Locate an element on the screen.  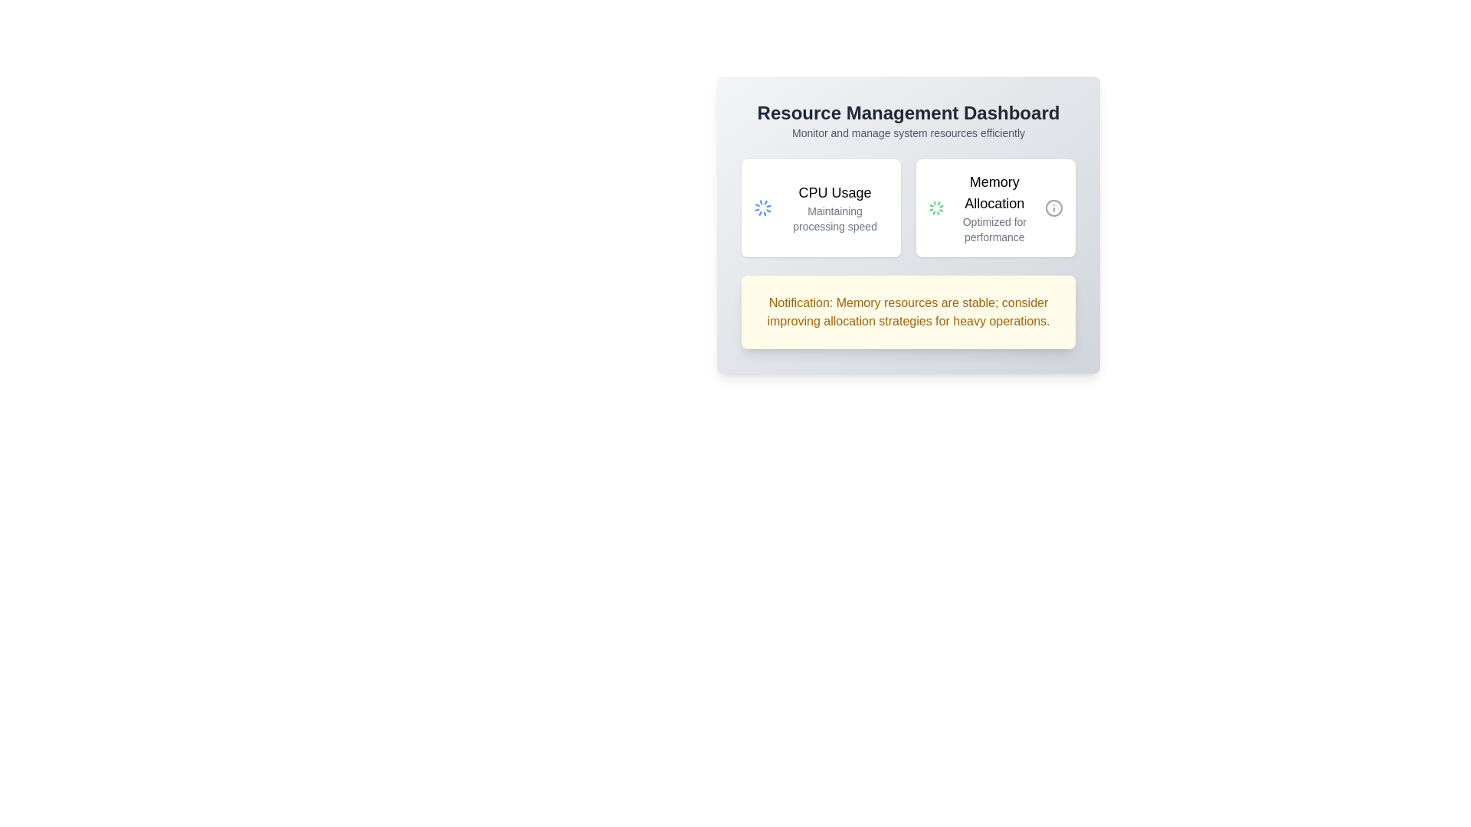
the Loader icon, which indicates an ongoing process related to memory allocation, located to the left of the 'Memory Allocation' title in the second card of a two-card set is located at coordinates (935, 208).